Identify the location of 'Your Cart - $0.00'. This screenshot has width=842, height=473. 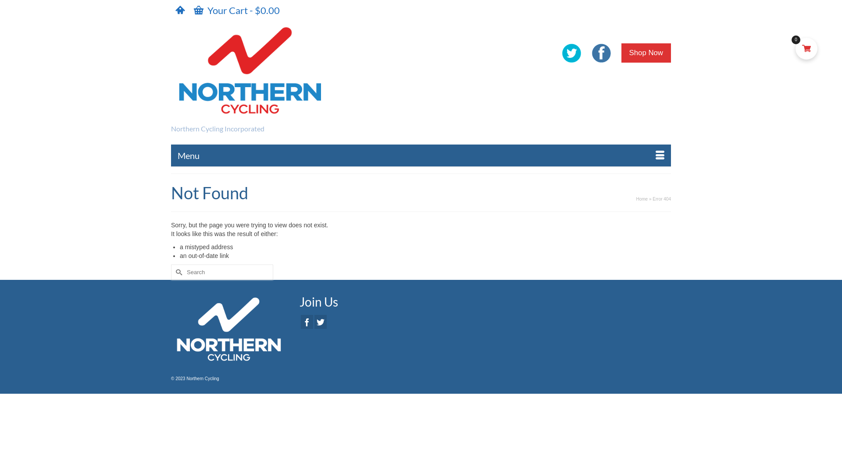
(236, 10).